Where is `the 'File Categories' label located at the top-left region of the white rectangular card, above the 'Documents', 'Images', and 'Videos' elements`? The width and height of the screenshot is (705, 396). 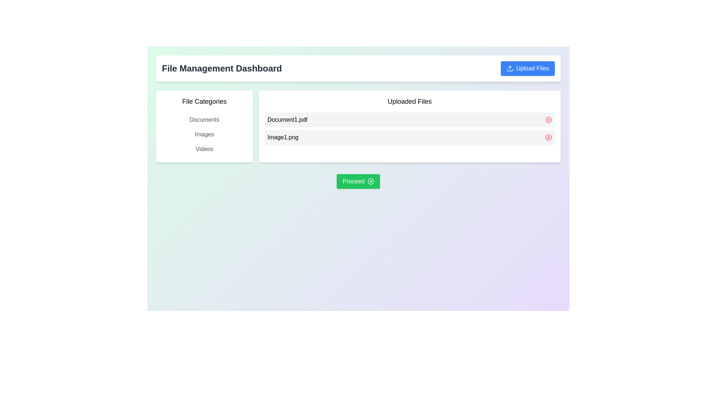 the 'File Categories' label located at the top-left region of the white rectangular card, above the 'Documents', 'Images', and 'Videos' elements is located at coordinates (204, 102).